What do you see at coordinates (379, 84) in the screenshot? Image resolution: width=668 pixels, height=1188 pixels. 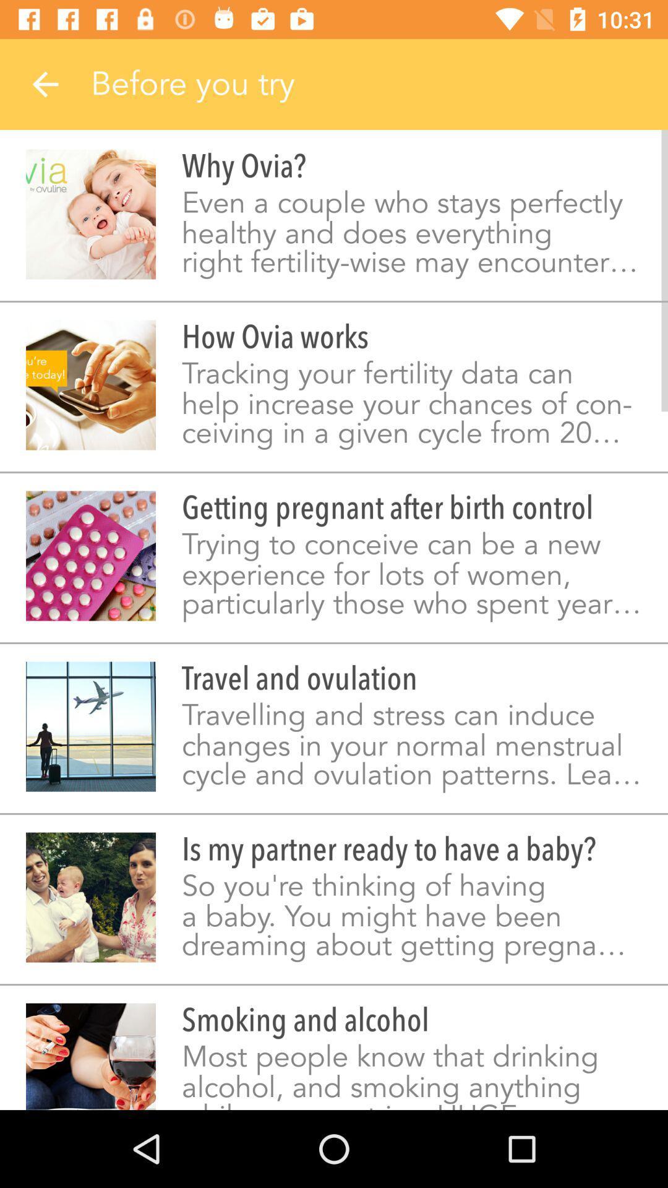 I see `the text beside the back button` at bounding box center [379, 84].